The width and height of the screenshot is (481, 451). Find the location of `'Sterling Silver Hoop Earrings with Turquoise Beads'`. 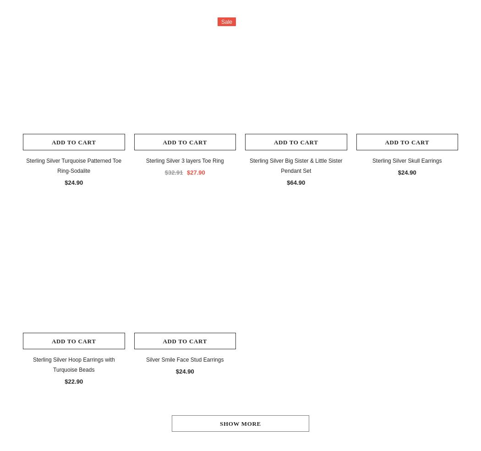

'Sterling Silver Hoop Earrings with Turquoise Beads' is located at coordinates (73, 364).